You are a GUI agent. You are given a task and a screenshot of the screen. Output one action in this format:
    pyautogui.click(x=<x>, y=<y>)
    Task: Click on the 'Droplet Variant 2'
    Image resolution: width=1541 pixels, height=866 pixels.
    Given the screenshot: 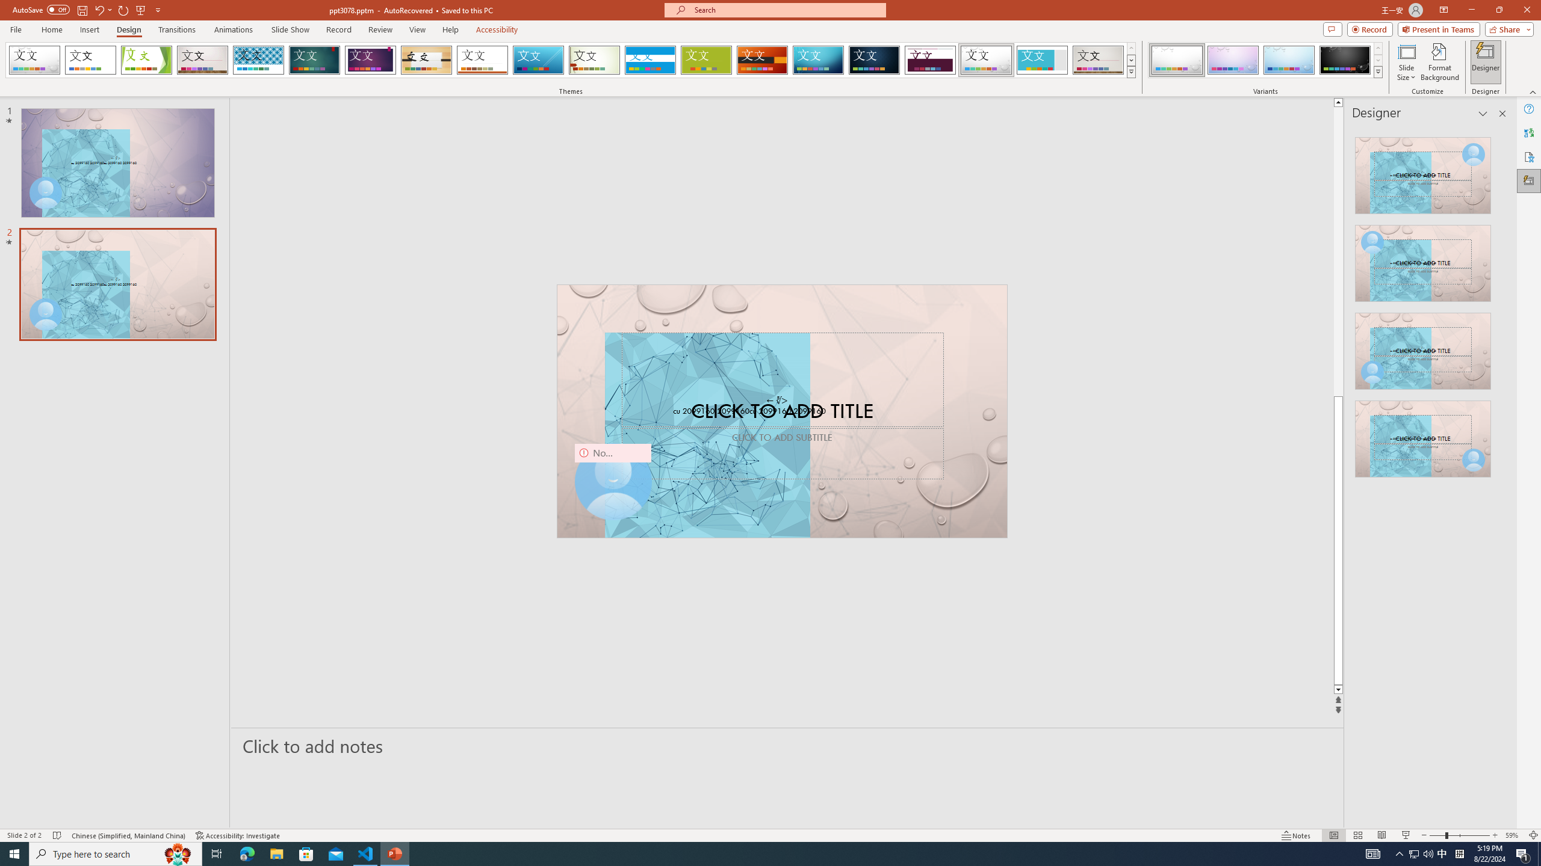 What is the action you would take?
    pyautogui.click(x=1232, y=60)
    